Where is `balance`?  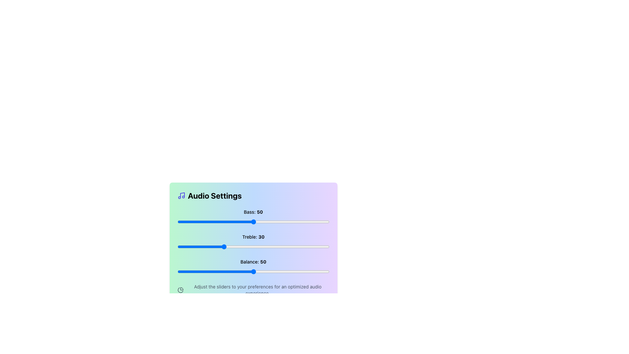 balance is located at coordinates (289, 272).